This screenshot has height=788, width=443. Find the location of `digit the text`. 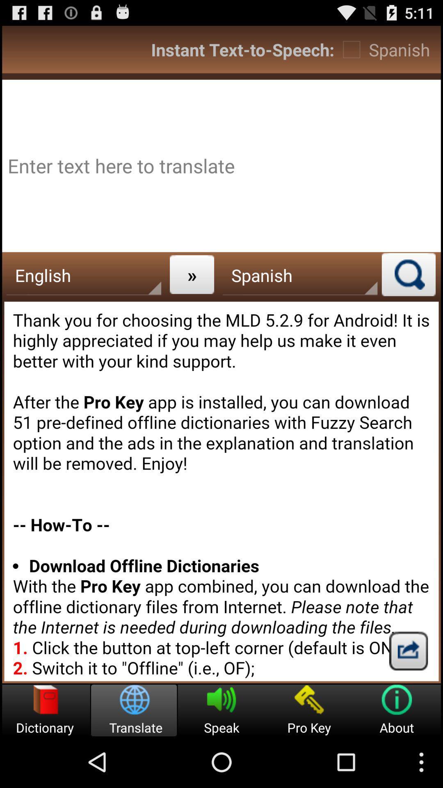

digit the text is located at coordinates (221, 165).